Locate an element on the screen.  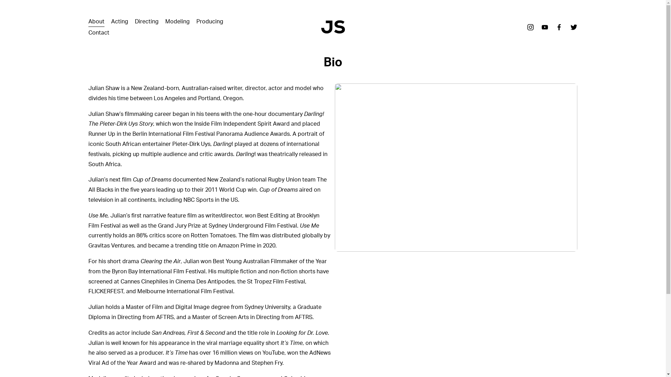
'Contact' is located at coordinates (98, 32).